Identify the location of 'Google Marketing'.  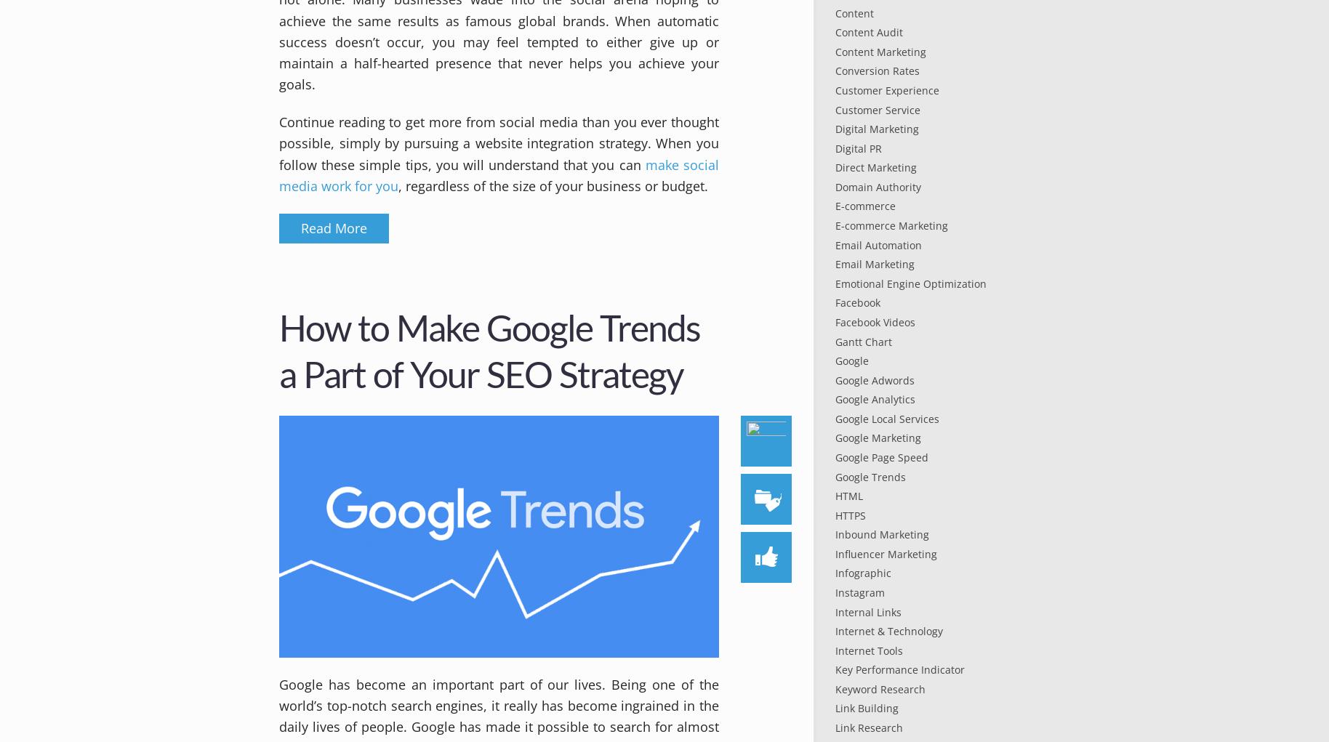
(835, 437).